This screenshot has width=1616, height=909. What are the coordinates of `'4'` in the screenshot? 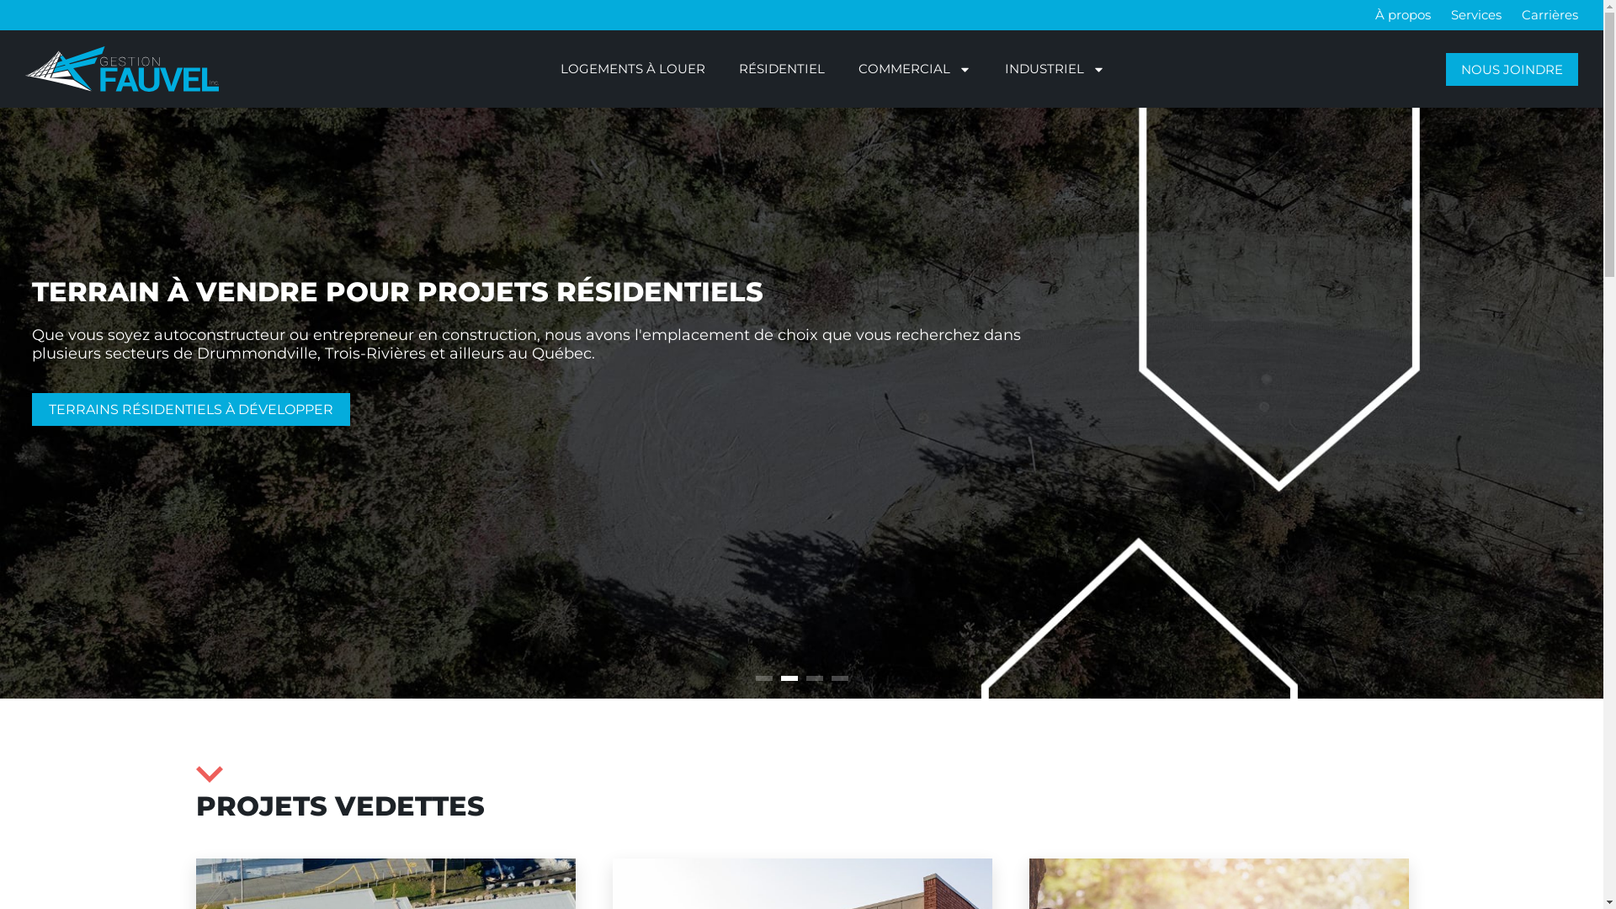 It's located at (840, 678).